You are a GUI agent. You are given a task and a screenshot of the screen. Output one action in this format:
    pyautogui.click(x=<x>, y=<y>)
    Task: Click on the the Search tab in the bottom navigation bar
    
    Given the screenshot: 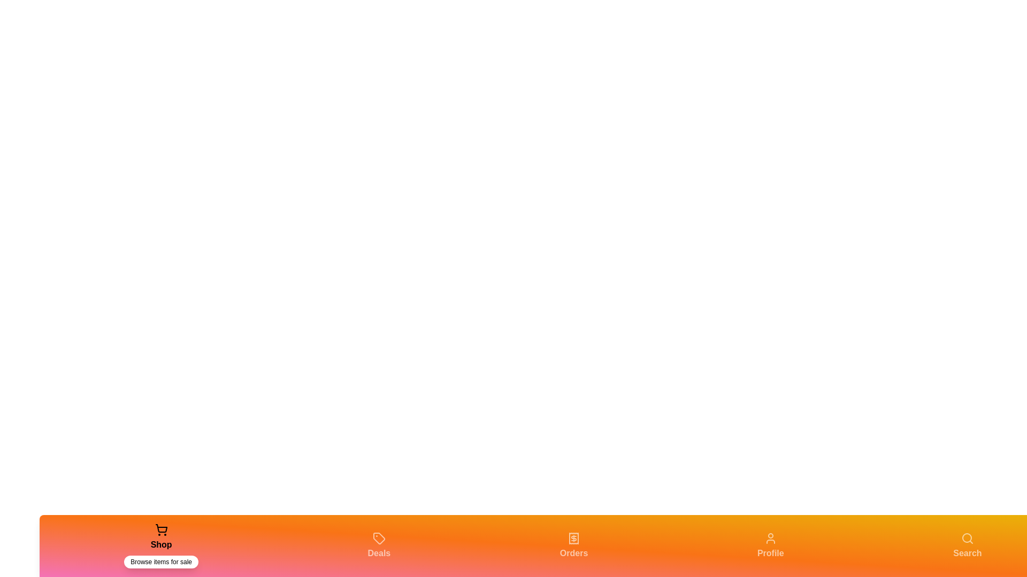 What is the action you would take?
    pyautogui.click(x=968, y=546)
    